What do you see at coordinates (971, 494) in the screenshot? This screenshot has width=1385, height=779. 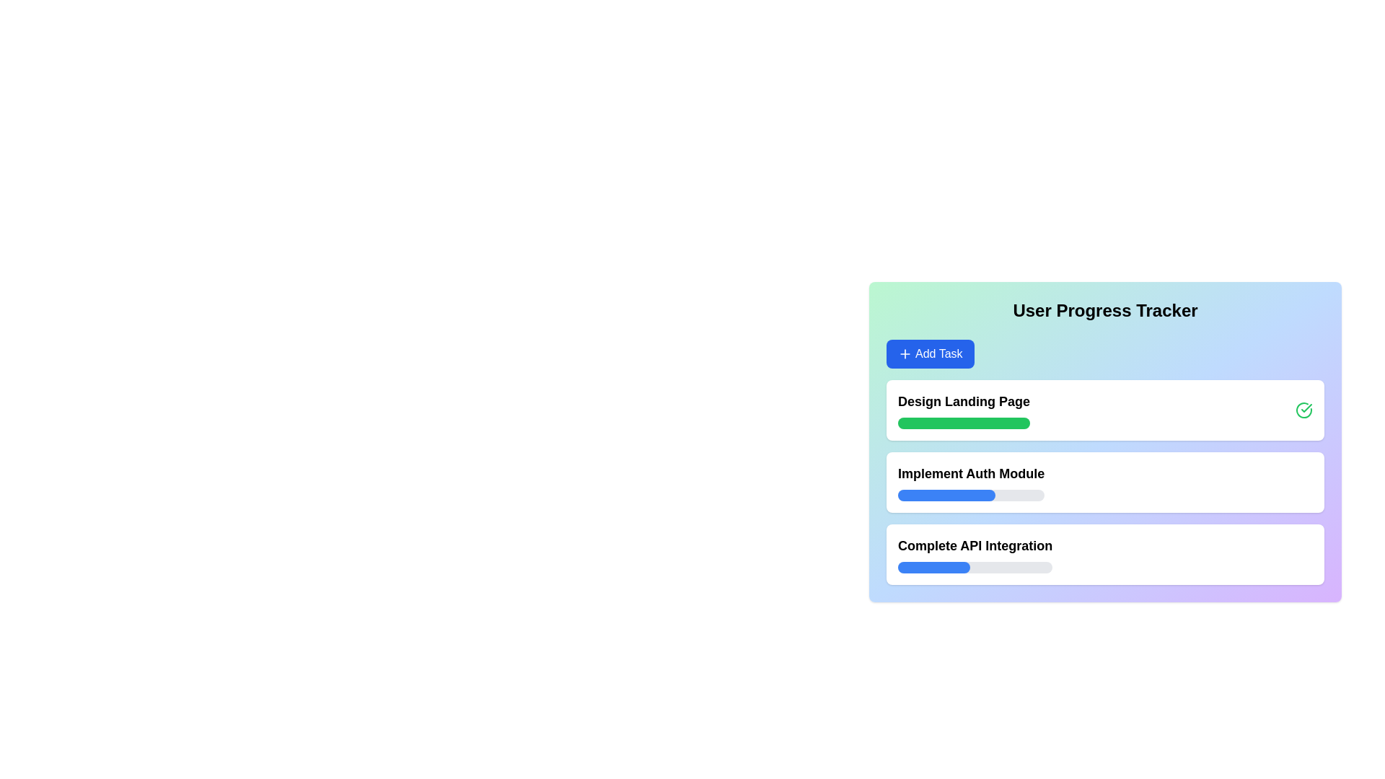 I see `the progress represented by the progress bar for the task 'Implement Auth Module' located in the User Progress Tracker` at bounding box center [971, 494].